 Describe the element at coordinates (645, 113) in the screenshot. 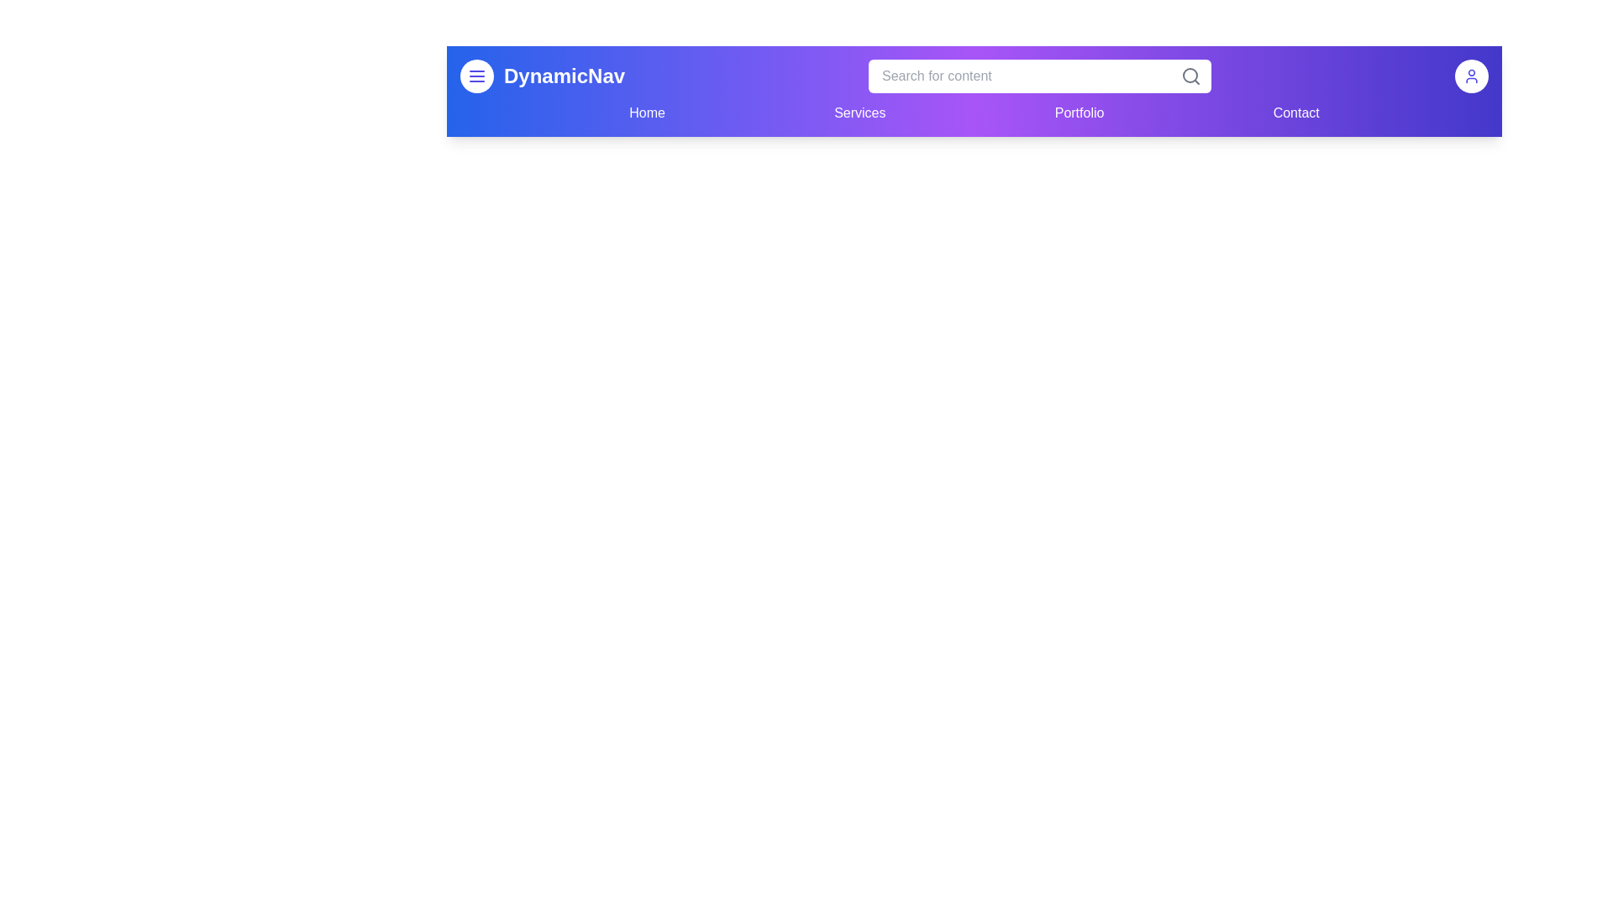

I see `the navigation link labeled Home to navigate to the corresponding page` at that location.